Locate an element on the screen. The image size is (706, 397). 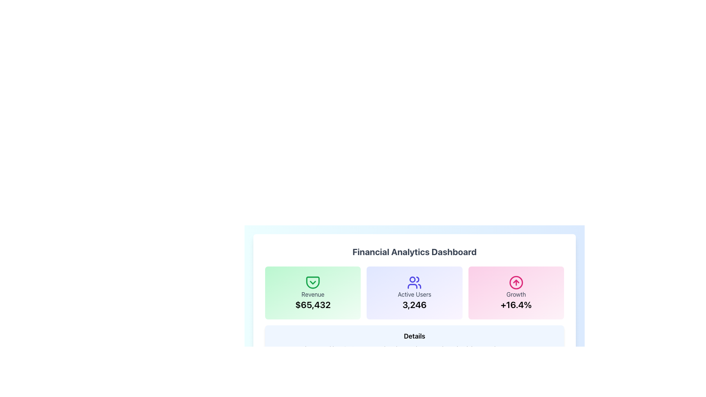
the Informational Card that displays the growth percentage value, positioned as the rightmost card in a row of three cards within the financial analytics dashboard is located at coordinates (516, 293).